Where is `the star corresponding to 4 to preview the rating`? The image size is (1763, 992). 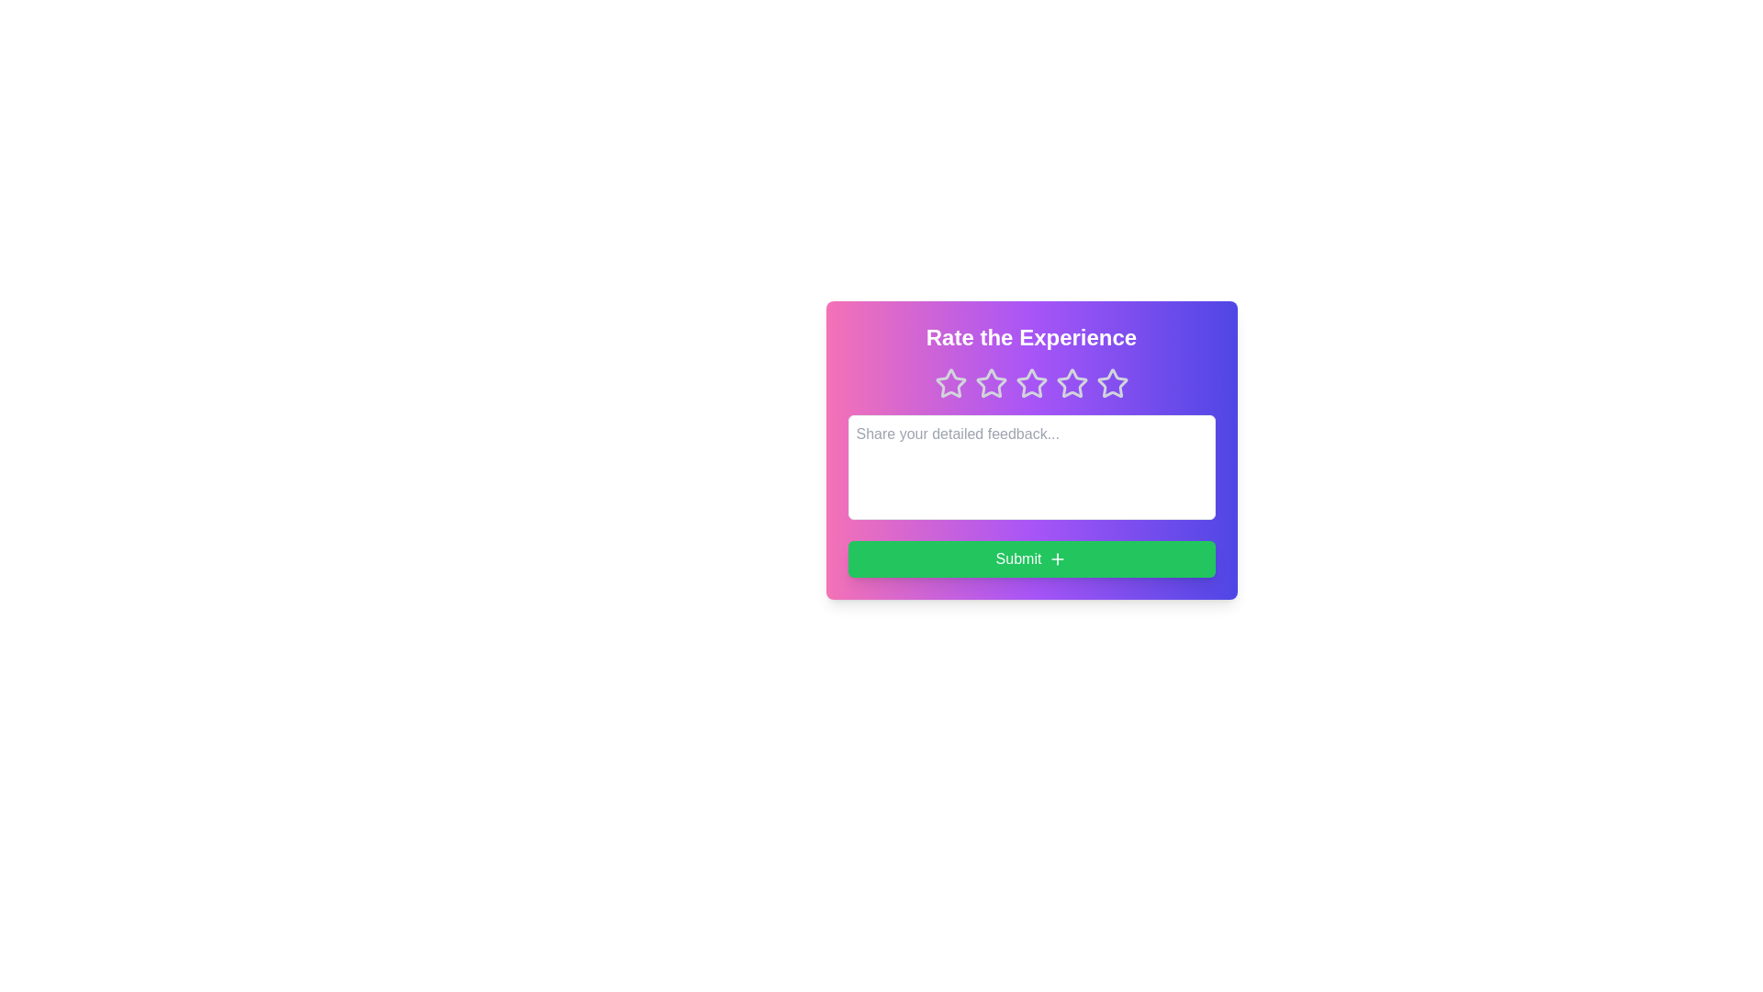
the star corresponding to 4 to preview the rating is located at coordinates (1072, 382).